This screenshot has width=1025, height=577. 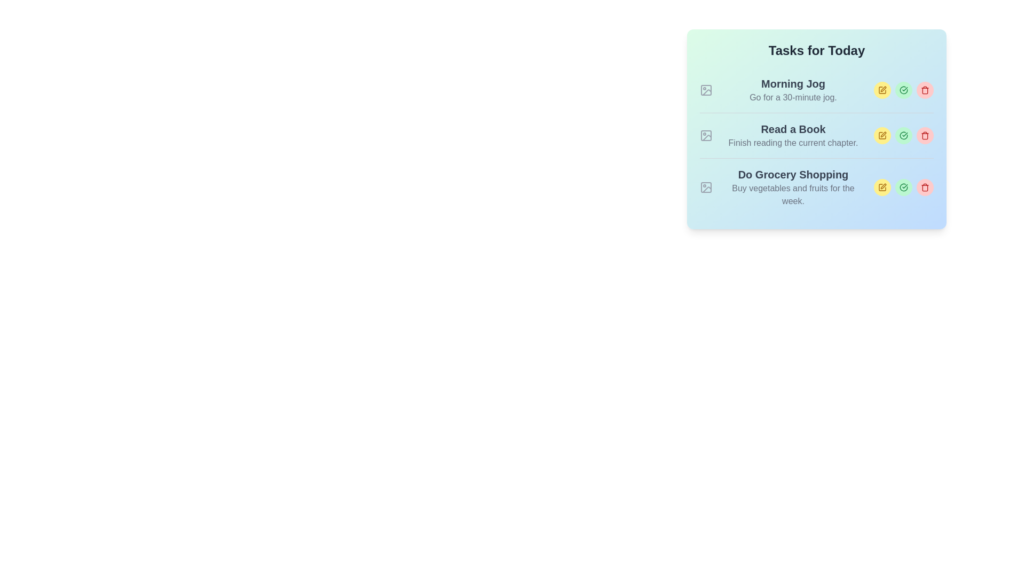 What do you see at coordinates (903, 135) in the screenshot?
I see `the circular confirmation indicator with a green checkmark to mark the 'Read a Book' task as completed` at bounding box center [903, 135].